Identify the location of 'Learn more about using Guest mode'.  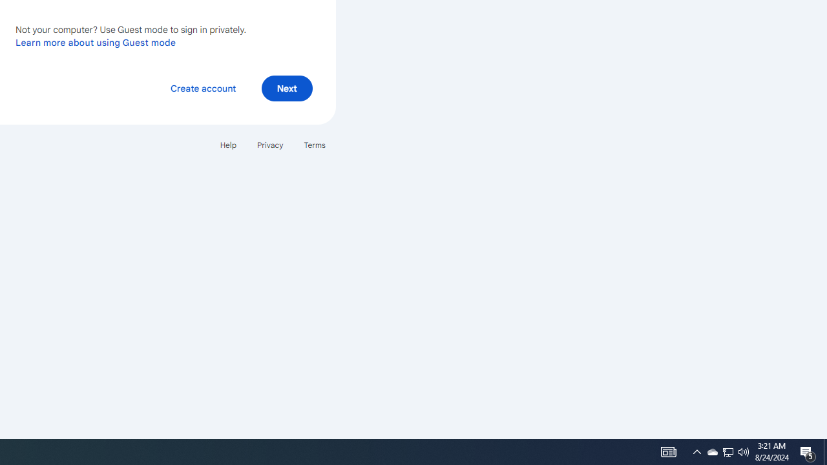
(95, 41).